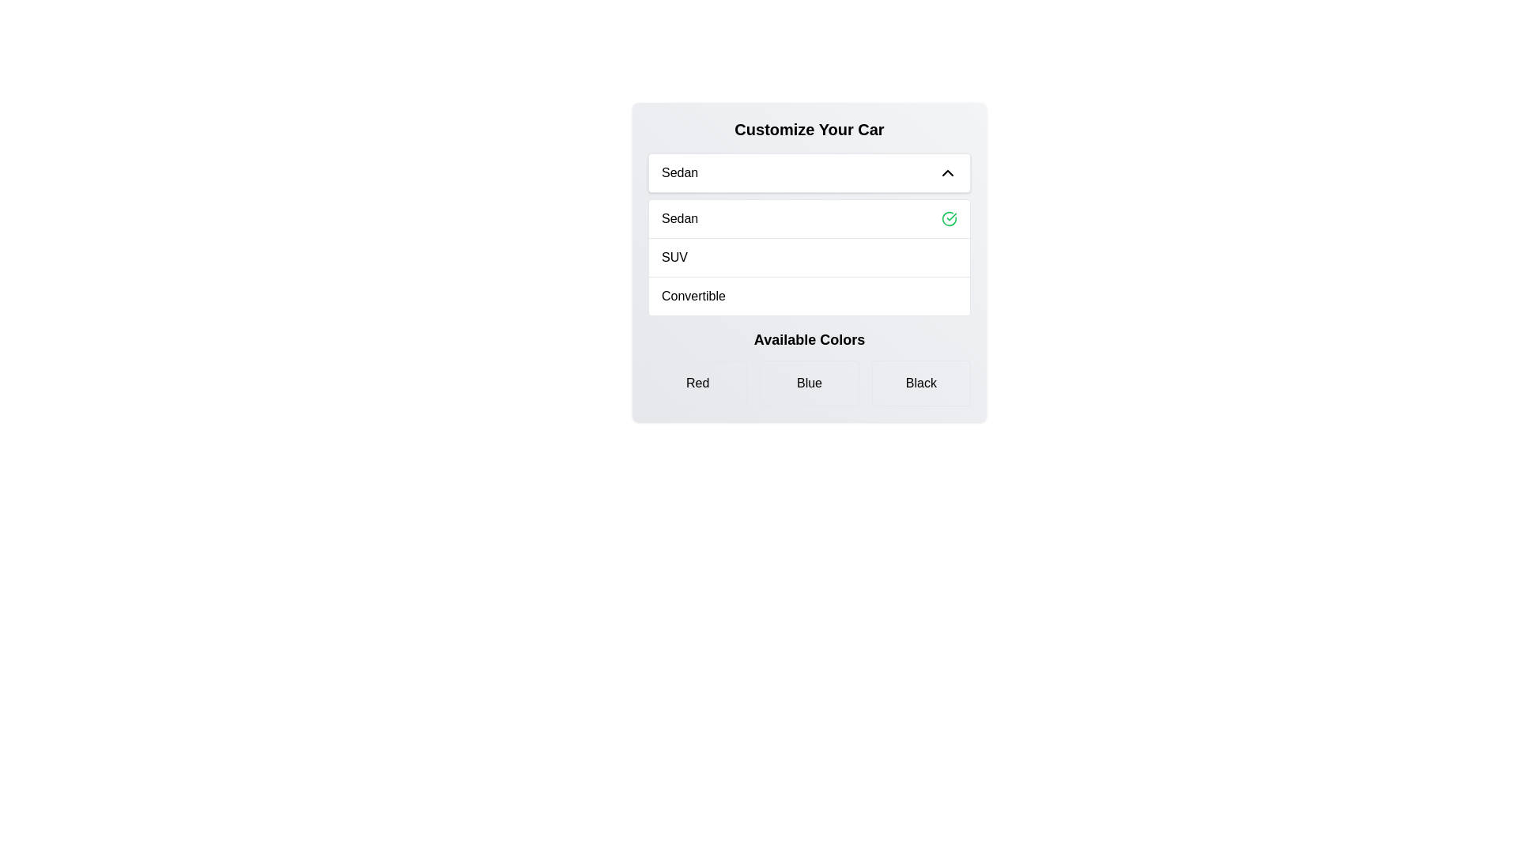 The width and height of the screenshot is (1518, 854). Describe the element at coordinates (697, 384) in the screenshot. I see `the 'Red' button, which is the first button in a grid layout under the section titled 'Available Colors'. This button features rounded corners and a medium font weight text that says 'Red'` at that location.